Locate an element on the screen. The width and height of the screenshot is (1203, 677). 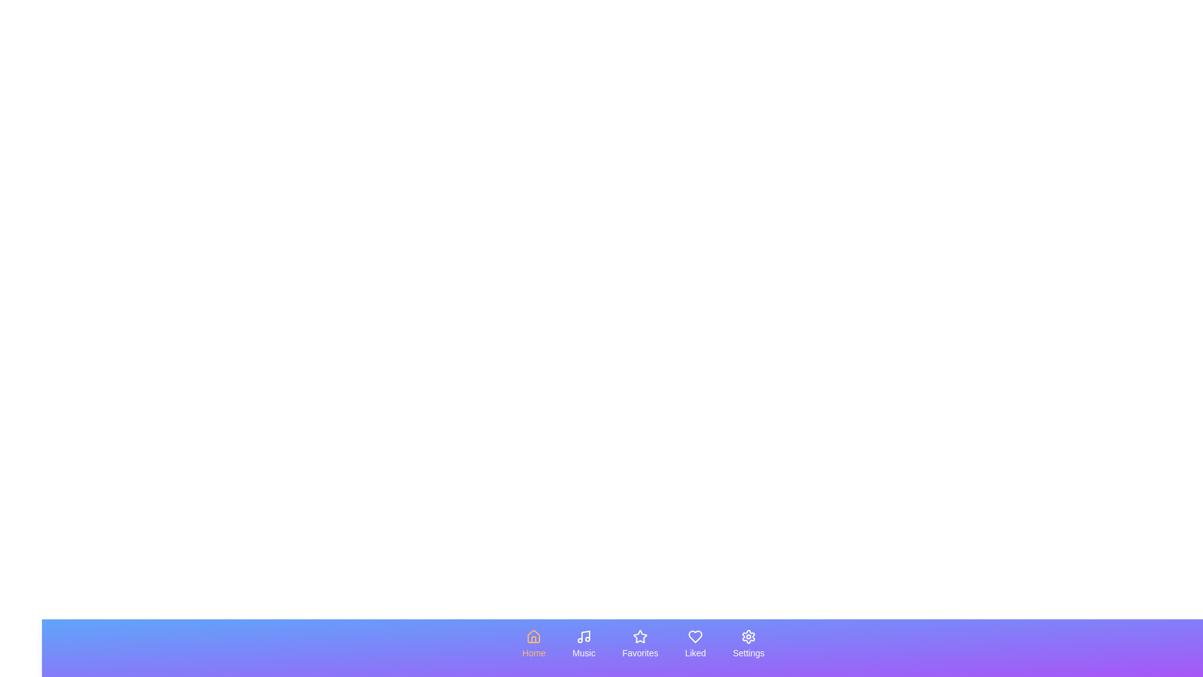
the tab labeled Home to observe its visual feedback is located at coordinates (533, 644).